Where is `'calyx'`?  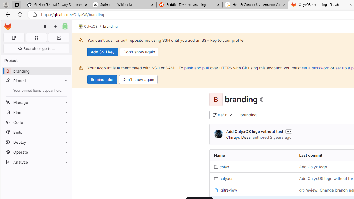 'calyx' is located at coordinates (222, 166).